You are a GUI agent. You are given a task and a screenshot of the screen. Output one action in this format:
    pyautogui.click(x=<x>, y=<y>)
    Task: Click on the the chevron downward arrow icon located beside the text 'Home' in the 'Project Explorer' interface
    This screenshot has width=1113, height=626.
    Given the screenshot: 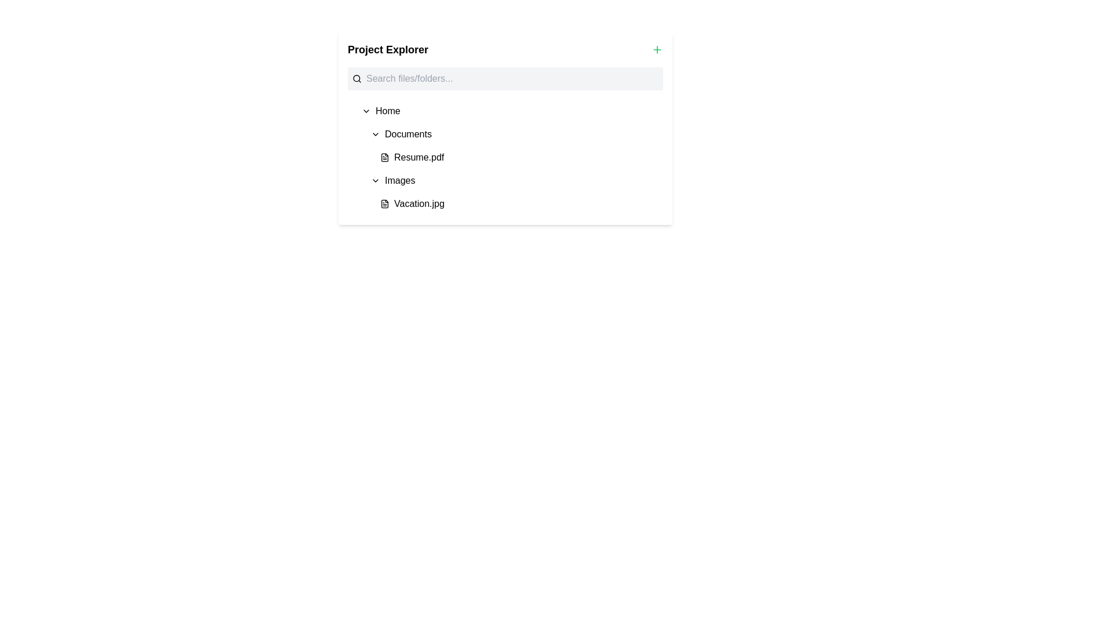 What is the action you would take?
    pyautogui.click(x=366, y=111)
    